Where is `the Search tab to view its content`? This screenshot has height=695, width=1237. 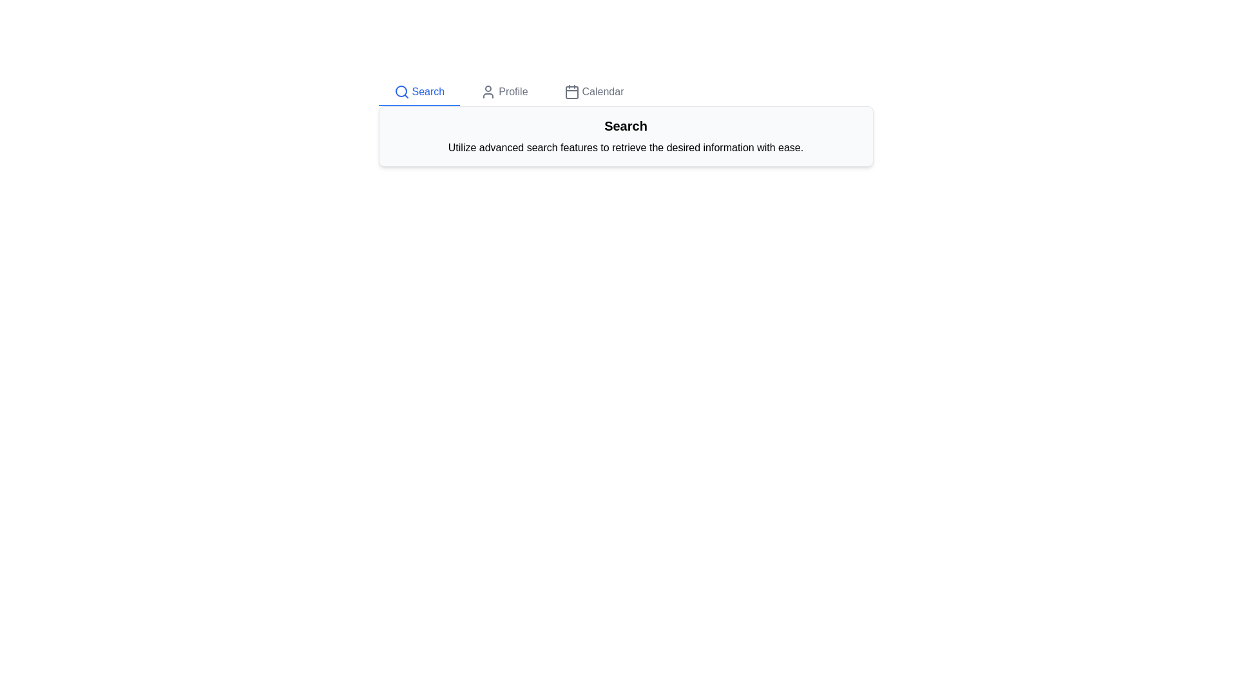
the Search tab to view its content is located at coordinates (419, 91).